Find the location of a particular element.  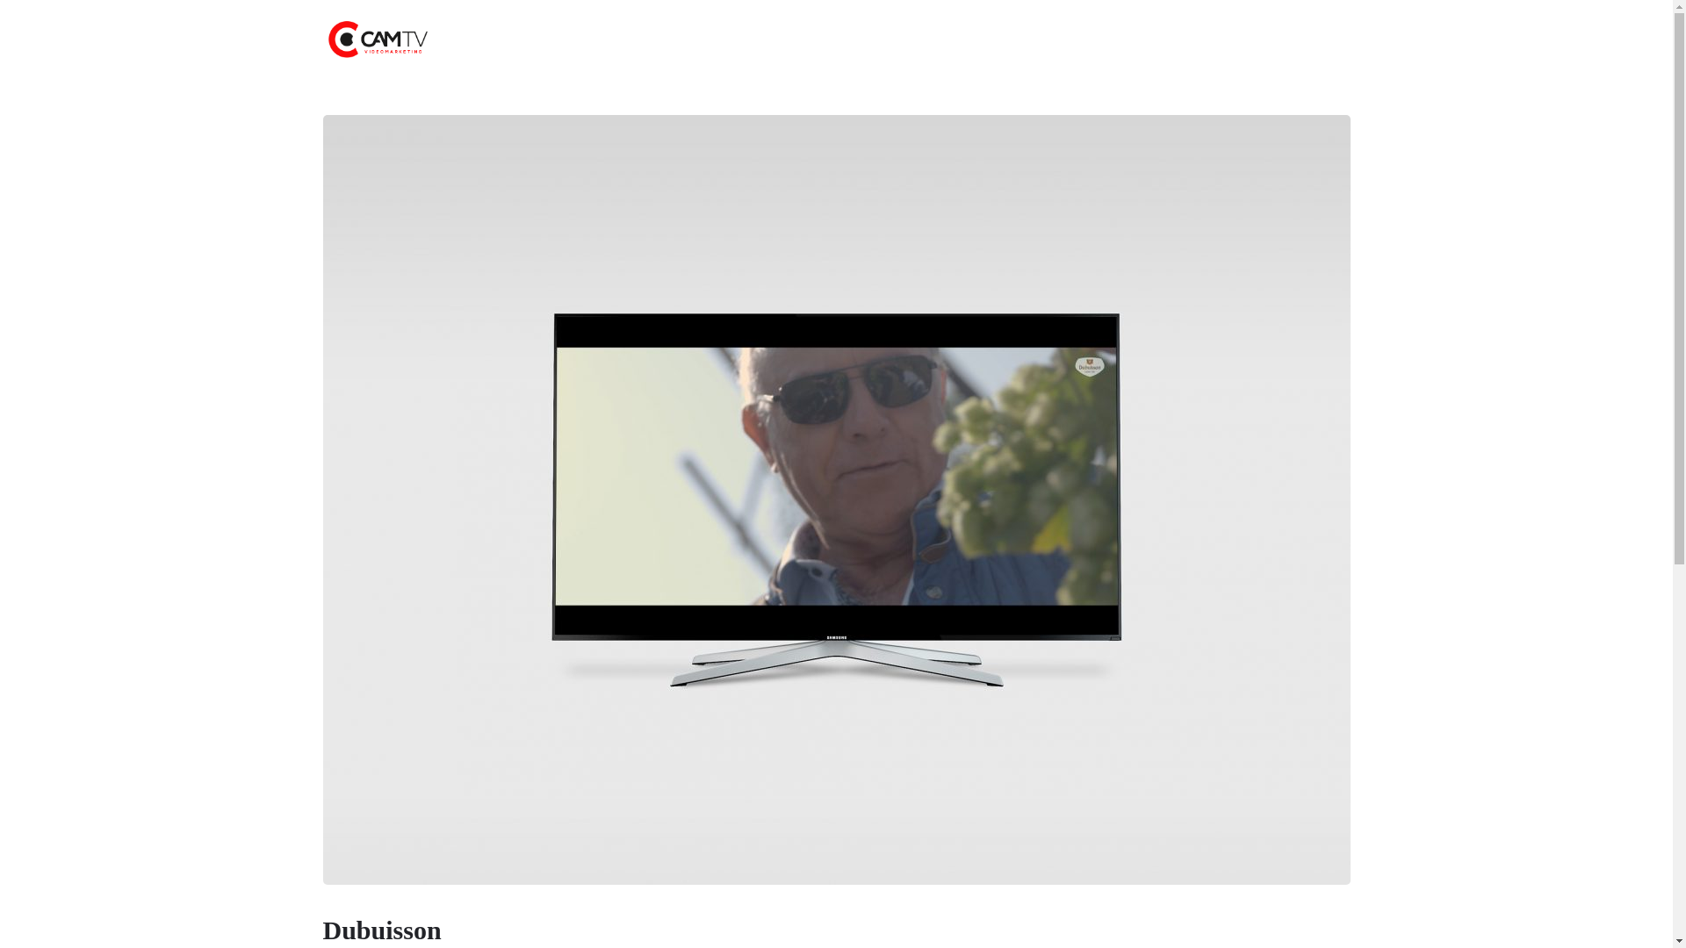

'GRAPHIC DESIGN' is located at coordinates (959, 39).